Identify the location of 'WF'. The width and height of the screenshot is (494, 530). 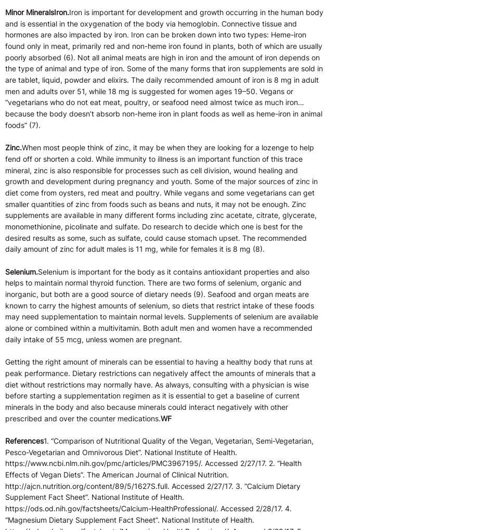
(165, 418).